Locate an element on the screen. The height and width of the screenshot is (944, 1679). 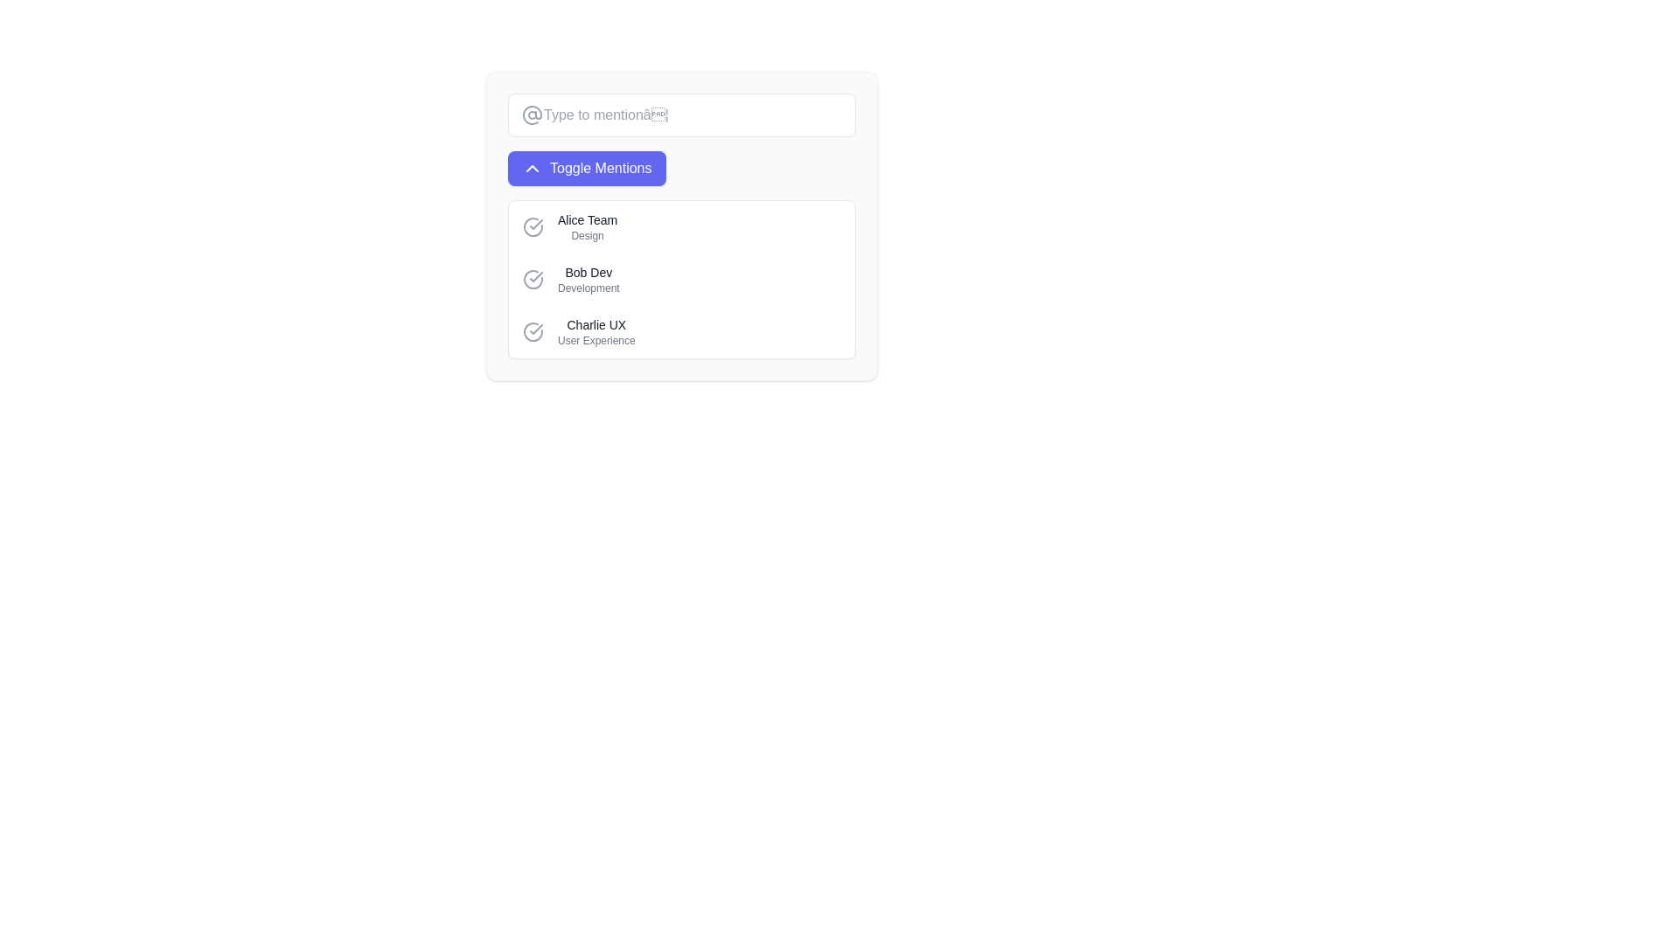
the 'Charlie UX' text label grouped element located under the 'Toggle Mentions' dropdown menu is located at coordinates (596, 332).